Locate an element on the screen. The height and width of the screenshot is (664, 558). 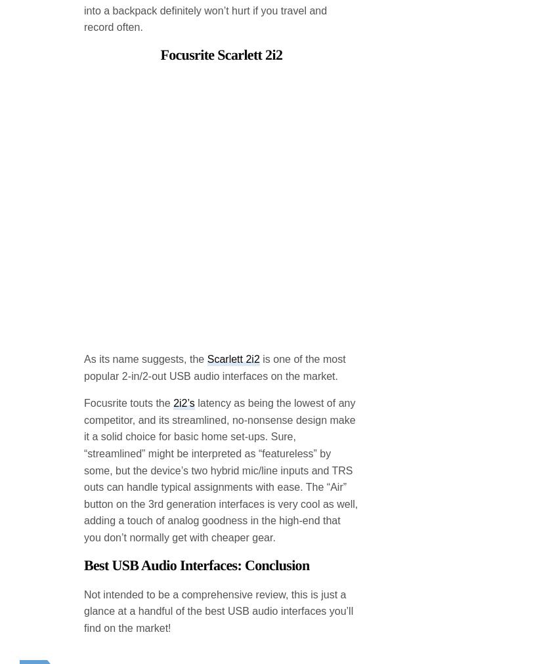
'Best USB Audio Interfaces: Conclusion' is located at coordinates (196, 459).